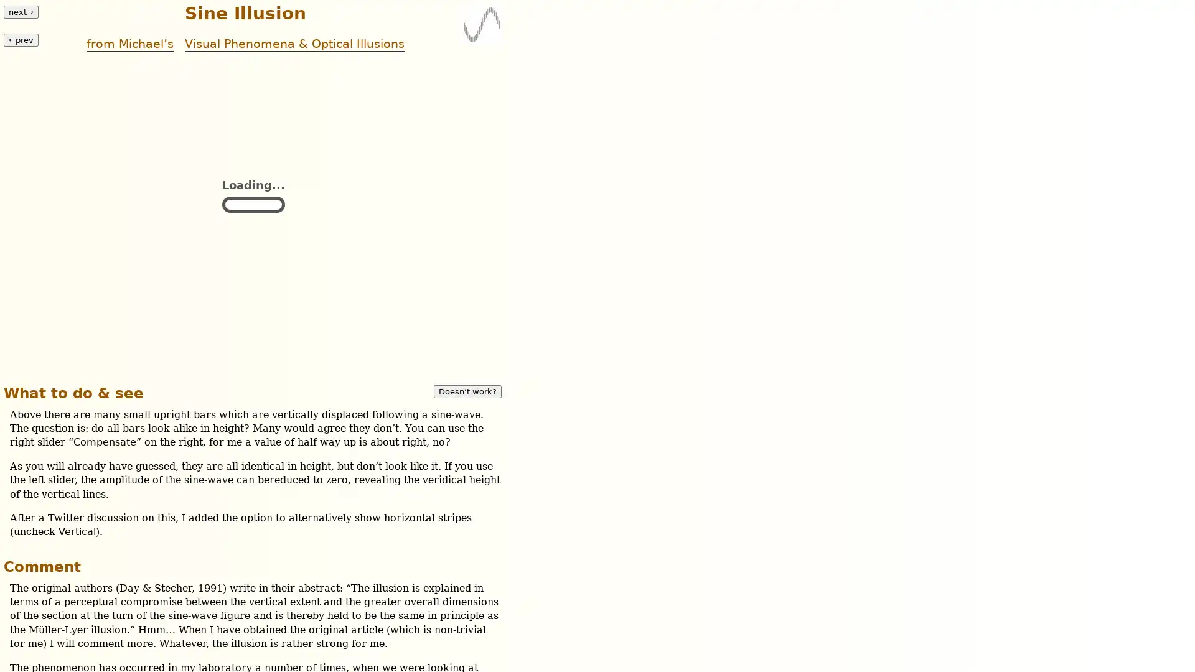 This screenshot has width=1195, height=672. What do you see at coordinates (21, 39) in the screenshot?
I see `prev` at bounding box center [21, 39].